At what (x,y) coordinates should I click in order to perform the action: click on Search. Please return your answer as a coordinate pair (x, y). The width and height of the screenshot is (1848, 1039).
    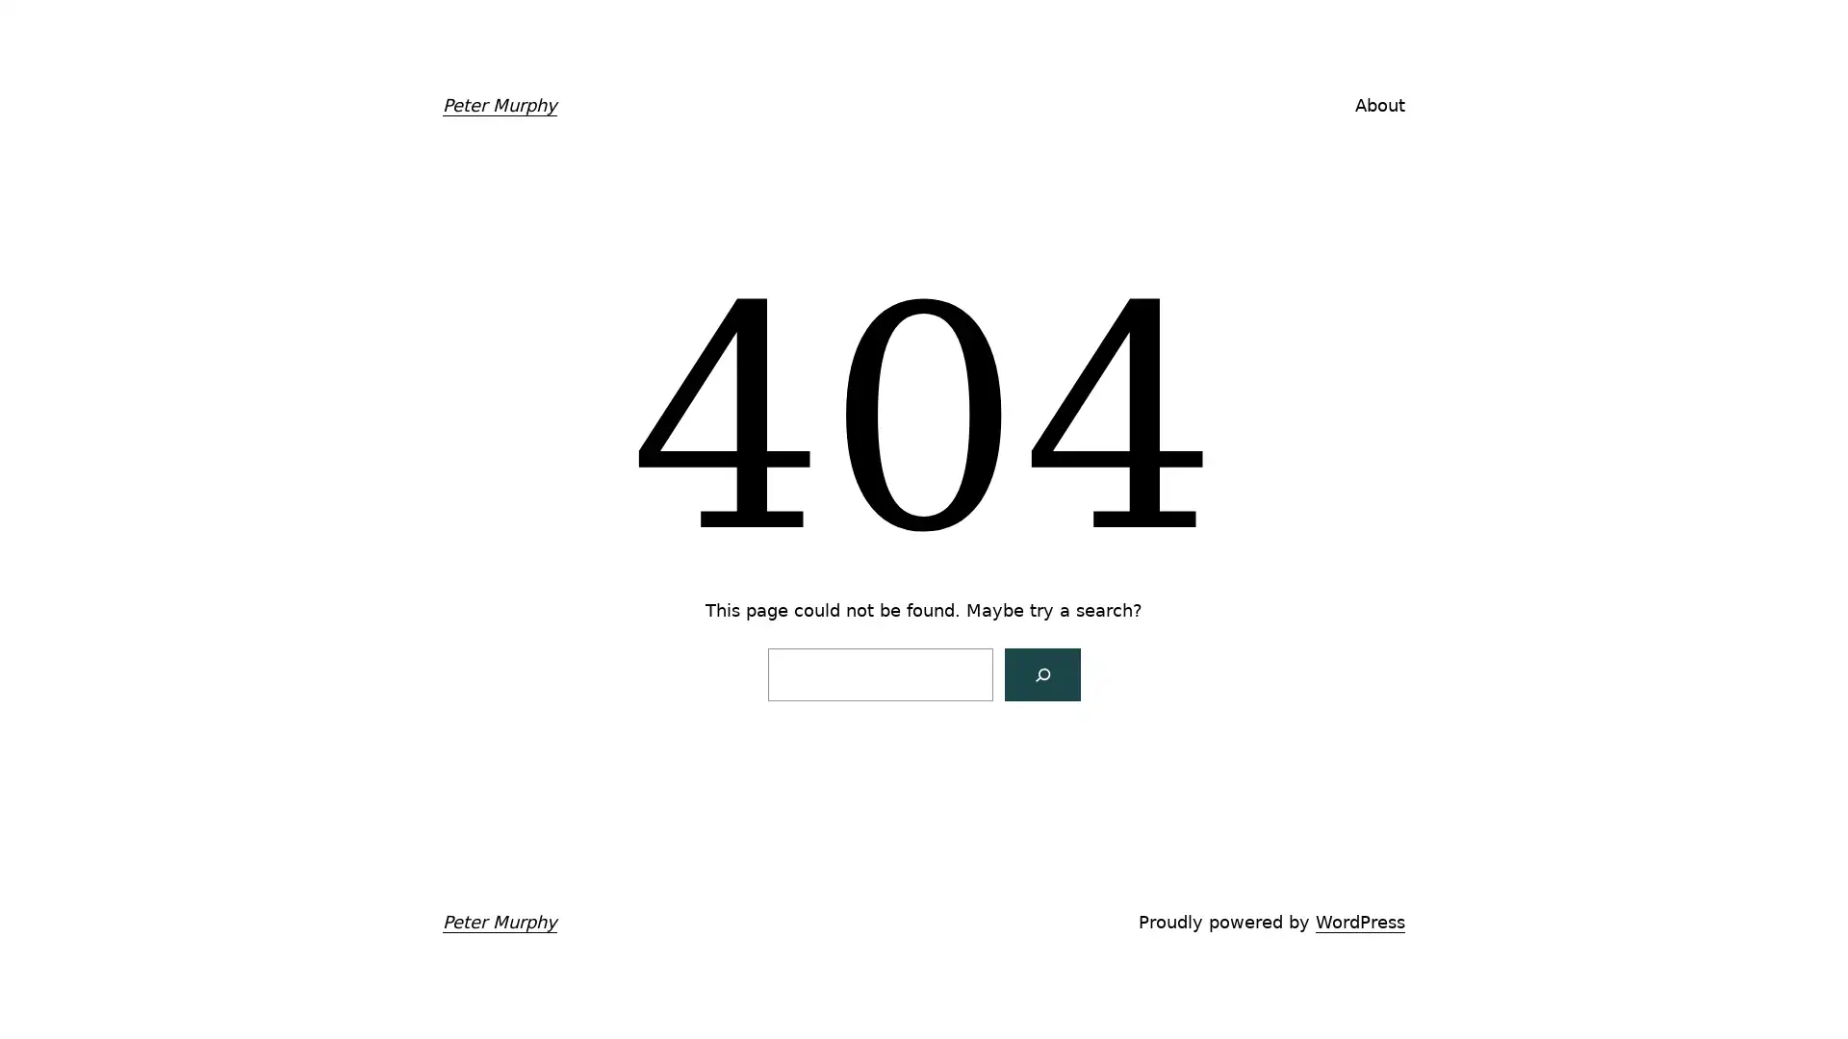
    Looking at the image, I should click on (1040, 672).